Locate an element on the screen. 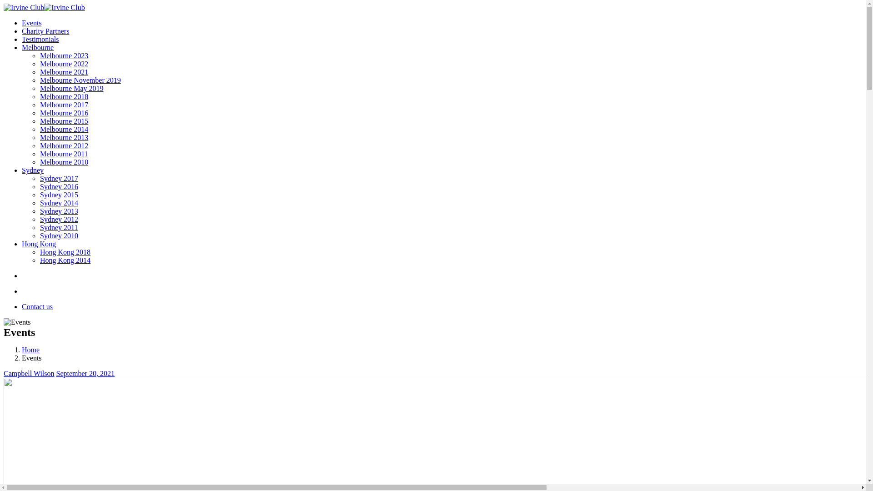  'Sydney' is located at coordinates (33, 170).